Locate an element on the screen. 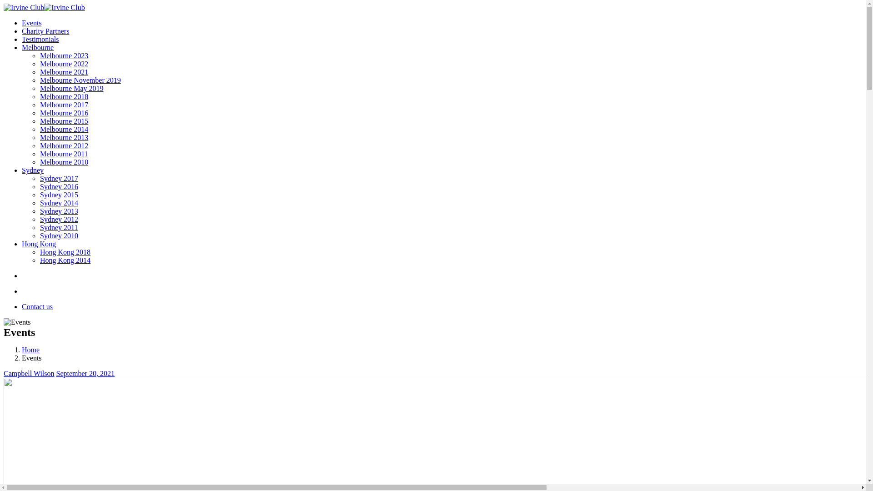  'Sydney' is located at coordinates (33, 170).